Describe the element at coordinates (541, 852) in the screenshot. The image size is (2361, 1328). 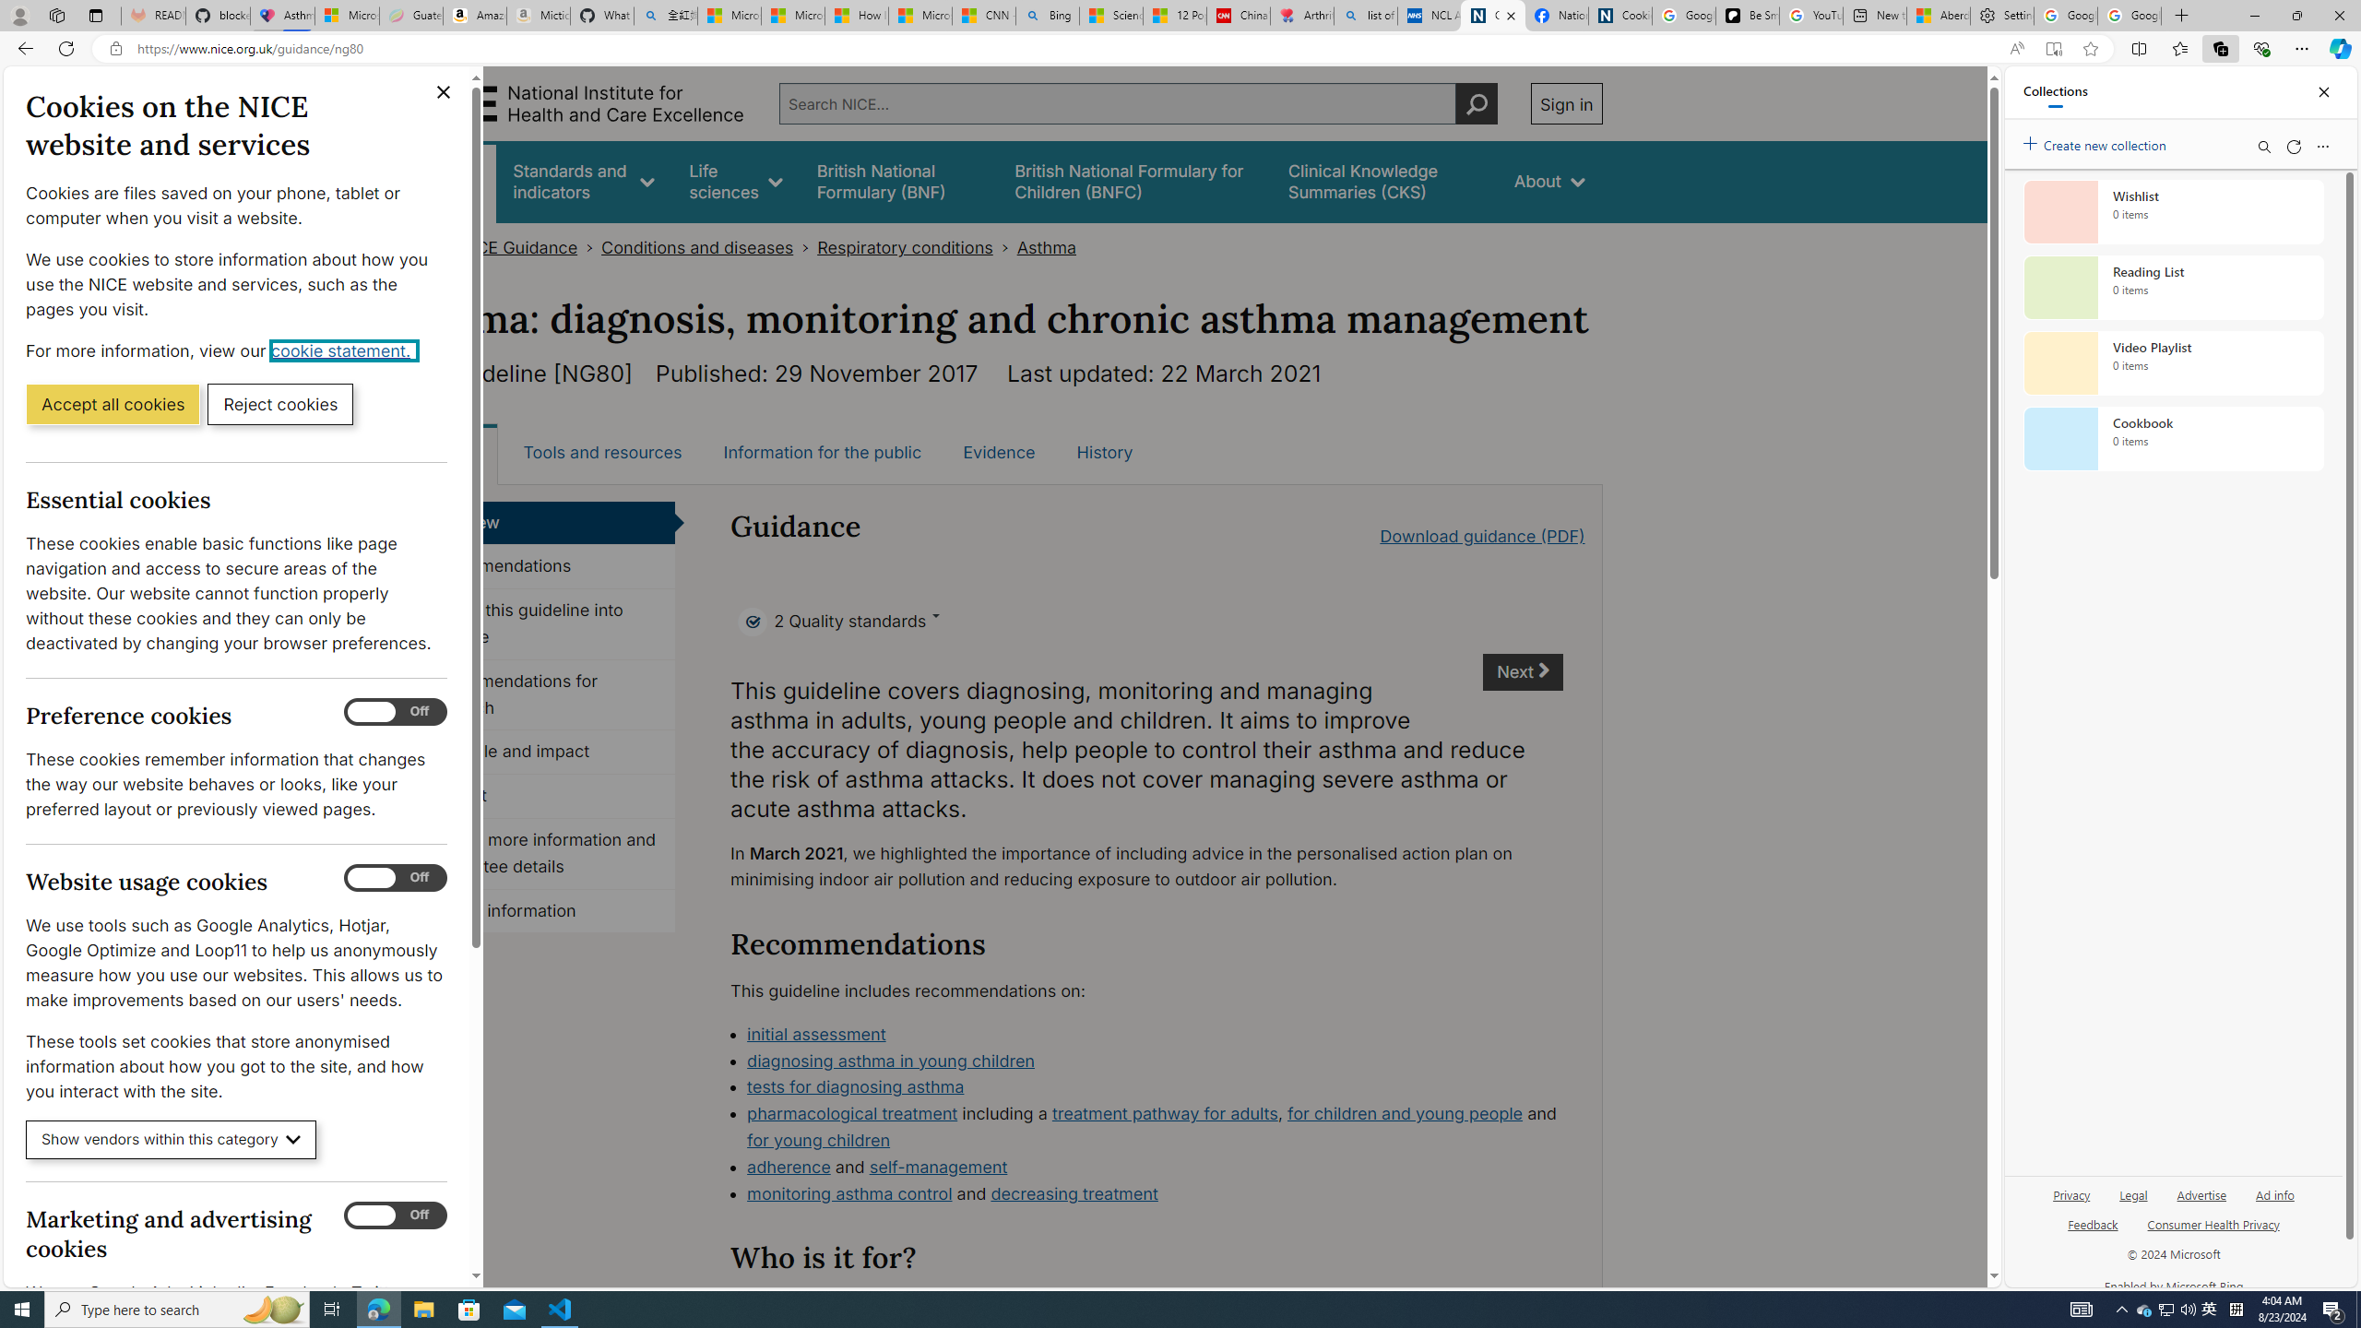
I see `'Finding more information and committee details'` at that location.